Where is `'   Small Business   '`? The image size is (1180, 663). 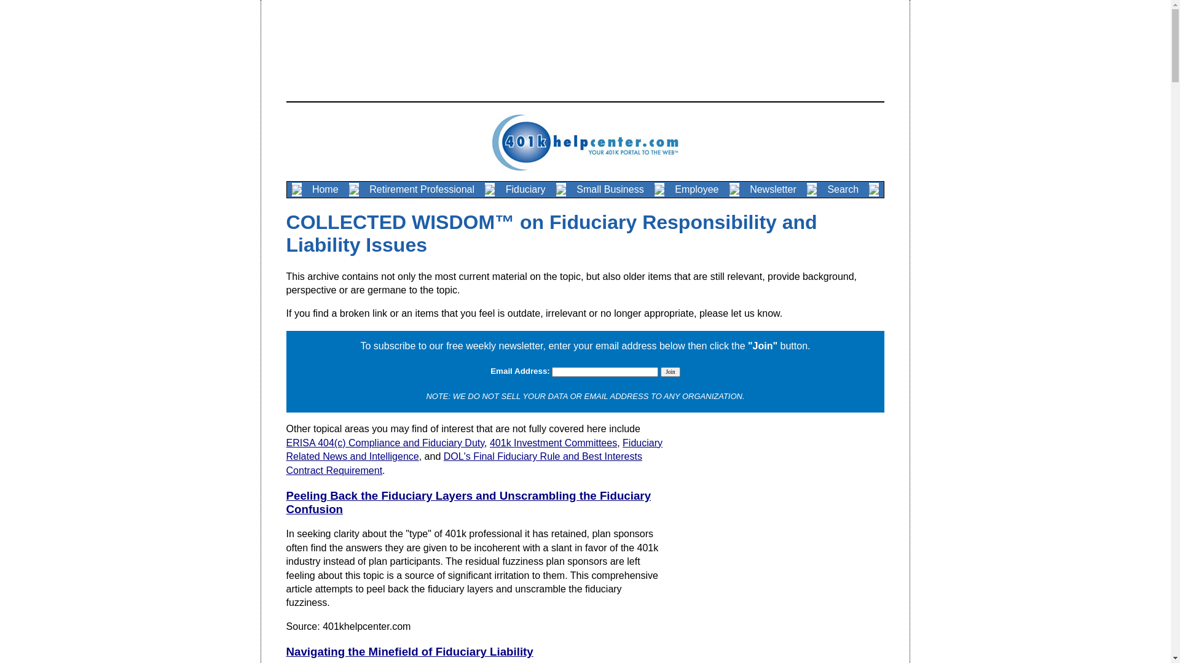 '   Small Business   ' is located at coordinates (610, 189).